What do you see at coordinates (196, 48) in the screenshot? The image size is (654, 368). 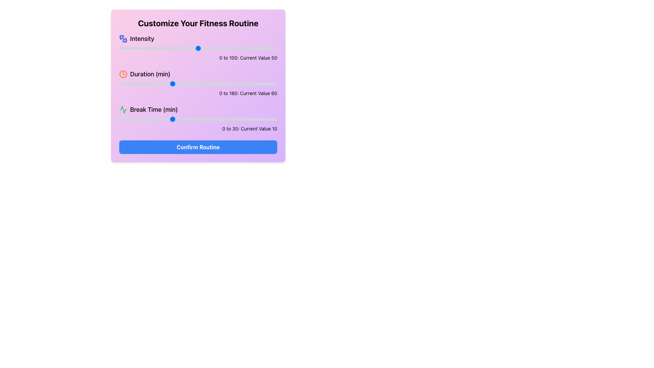 I see `the intensity` at bounding box center [196, 48].